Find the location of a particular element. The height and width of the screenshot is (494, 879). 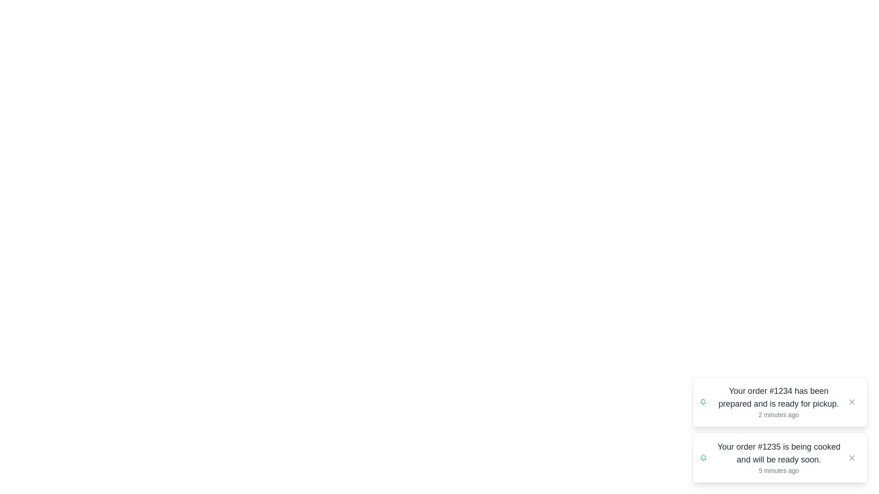

the static text block displaying 'Your order #1235 is being cooked and will be ready soon.' is located at coordinates (778, 453).